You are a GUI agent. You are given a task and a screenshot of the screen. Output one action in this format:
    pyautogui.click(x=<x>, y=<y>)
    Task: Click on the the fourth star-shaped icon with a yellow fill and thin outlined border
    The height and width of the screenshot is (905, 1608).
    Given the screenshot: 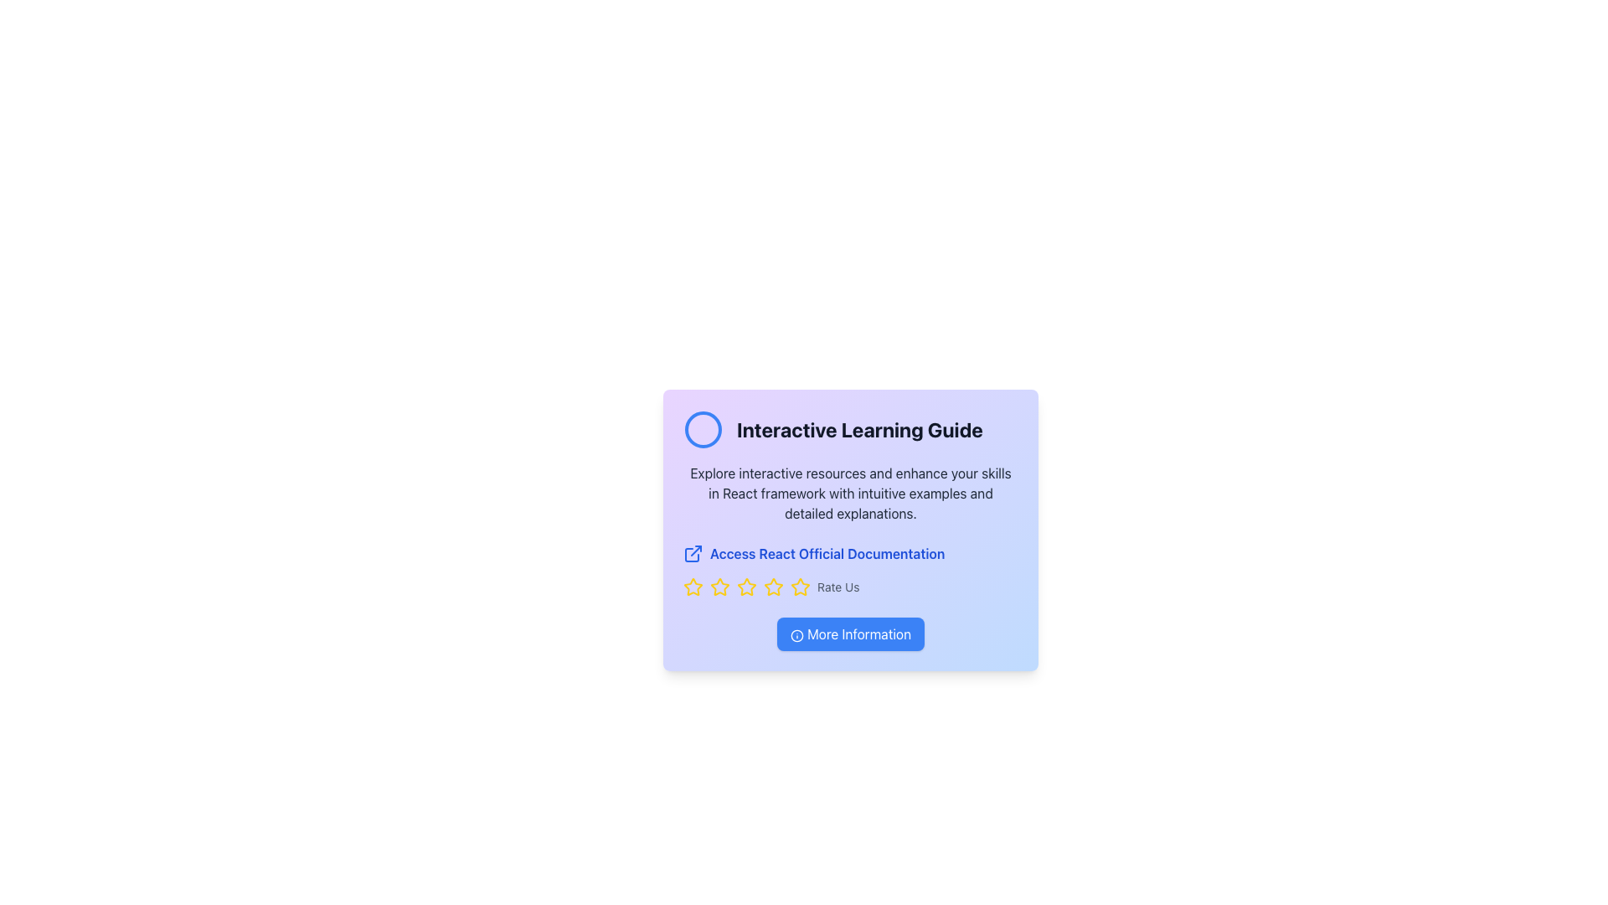 What is the action you would take?
    pyautogui.click(x=773, y=586)
    